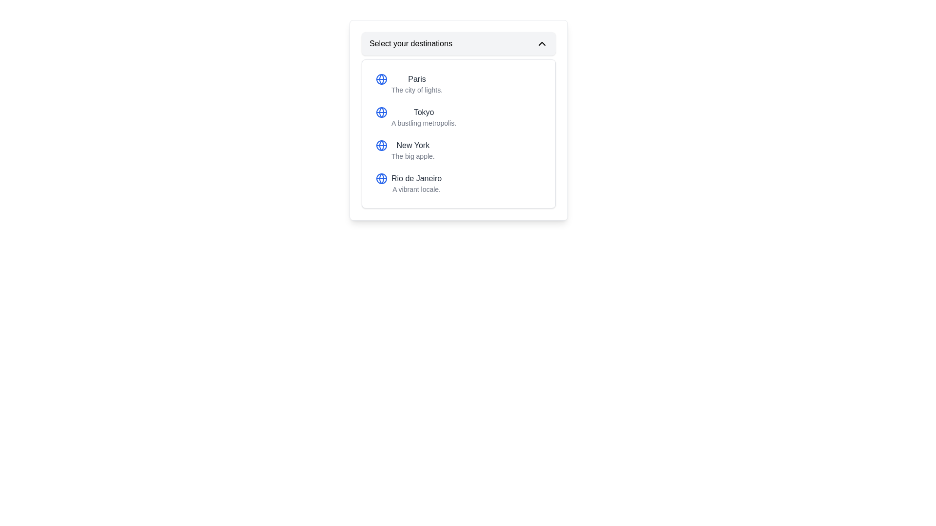 Image resolution: width=936 pixels, height=526 pixels. What do you see at coordinates (416, 116) in the screenshot?
I see `the List item for 'Tokyo', which features a globe icon and the subtitle 'A bustling metropolis'` at bounding box center [416, 116].